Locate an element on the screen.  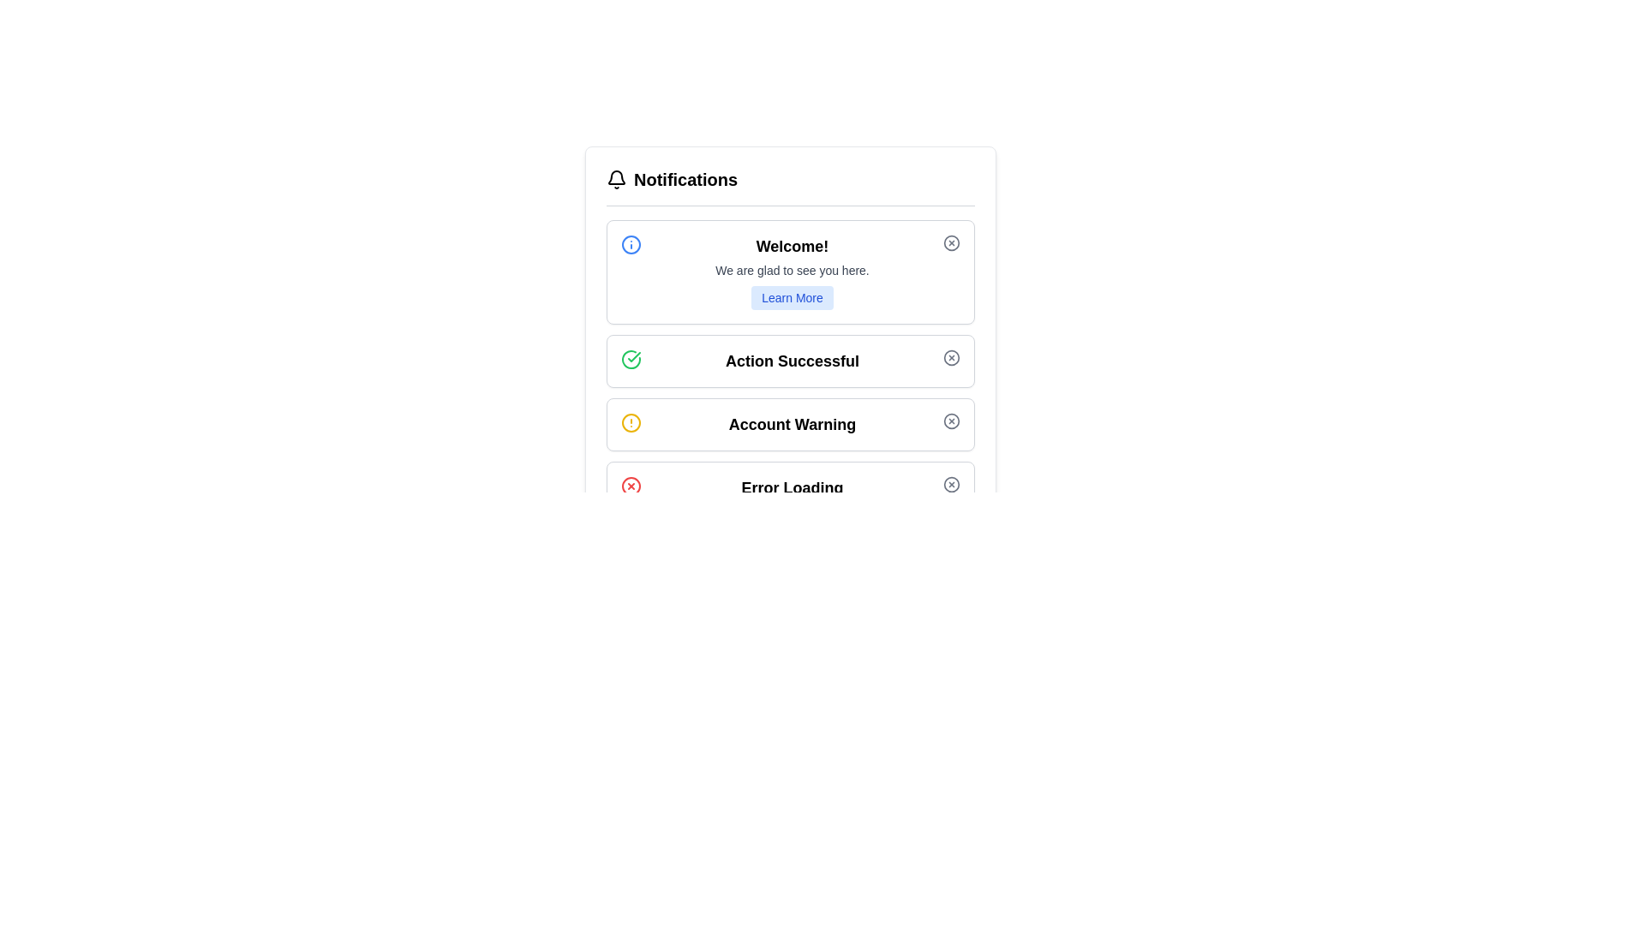
the error visually is located at coordinates (789, 488).